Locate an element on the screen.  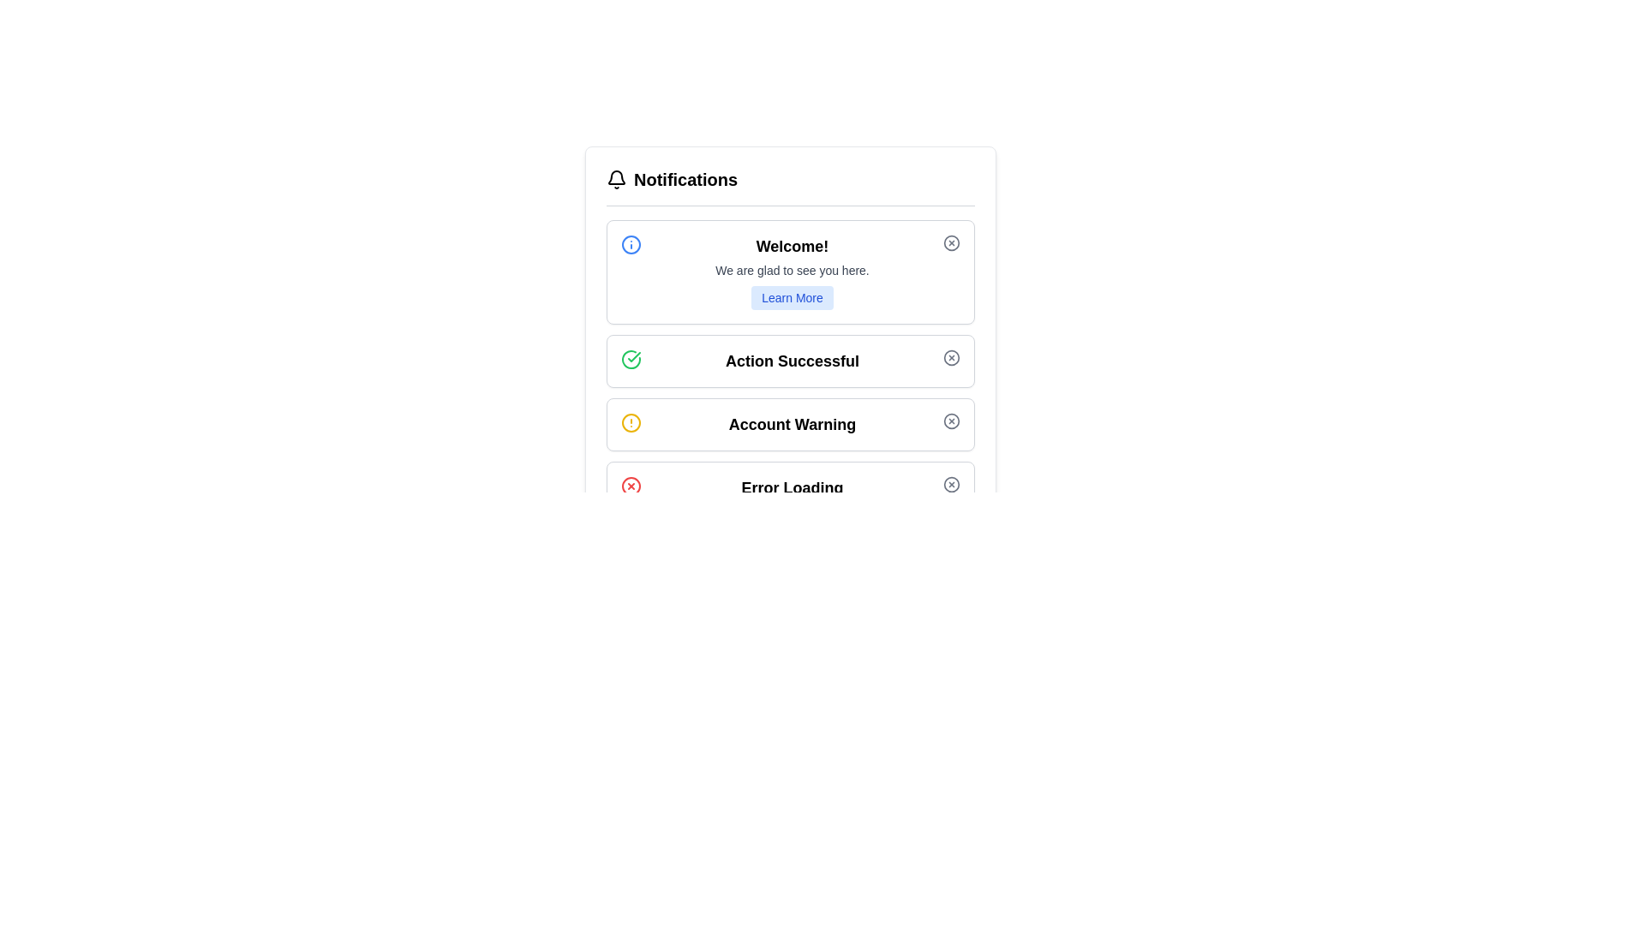
the error visually is located at coordinates (789, 488).